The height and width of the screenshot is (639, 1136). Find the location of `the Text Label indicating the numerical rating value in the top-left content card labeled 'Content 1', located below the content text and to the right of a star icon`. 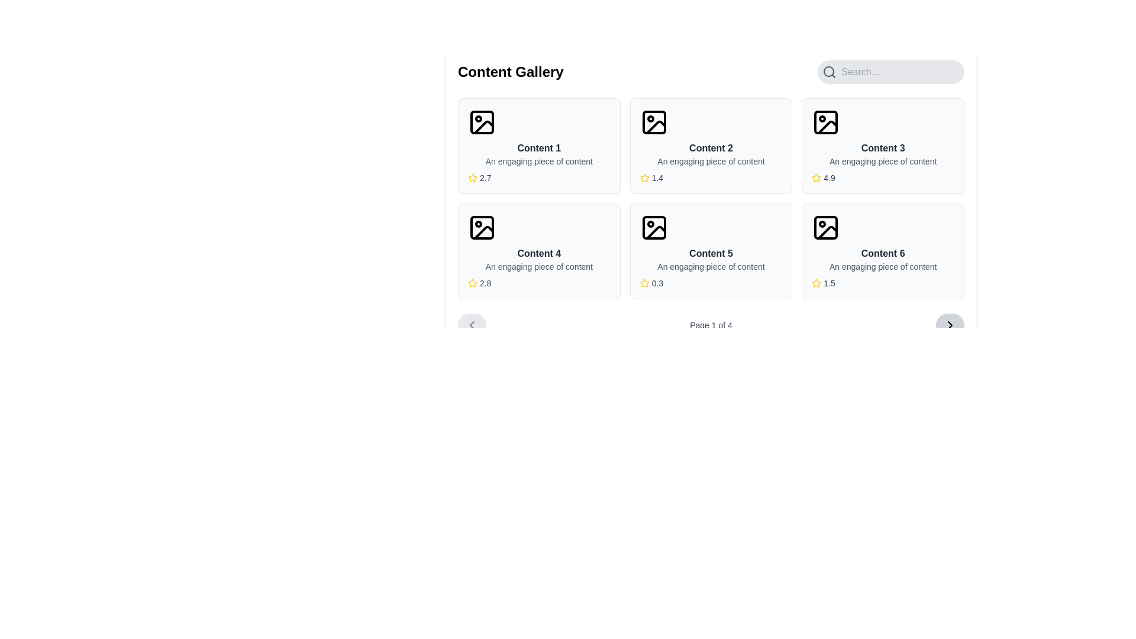

the Text Label indicating the numerical rating value in the top-left content card labeled 'Content 1', located below the content text and to the right of a star icon is located at coordinates (485, 177).